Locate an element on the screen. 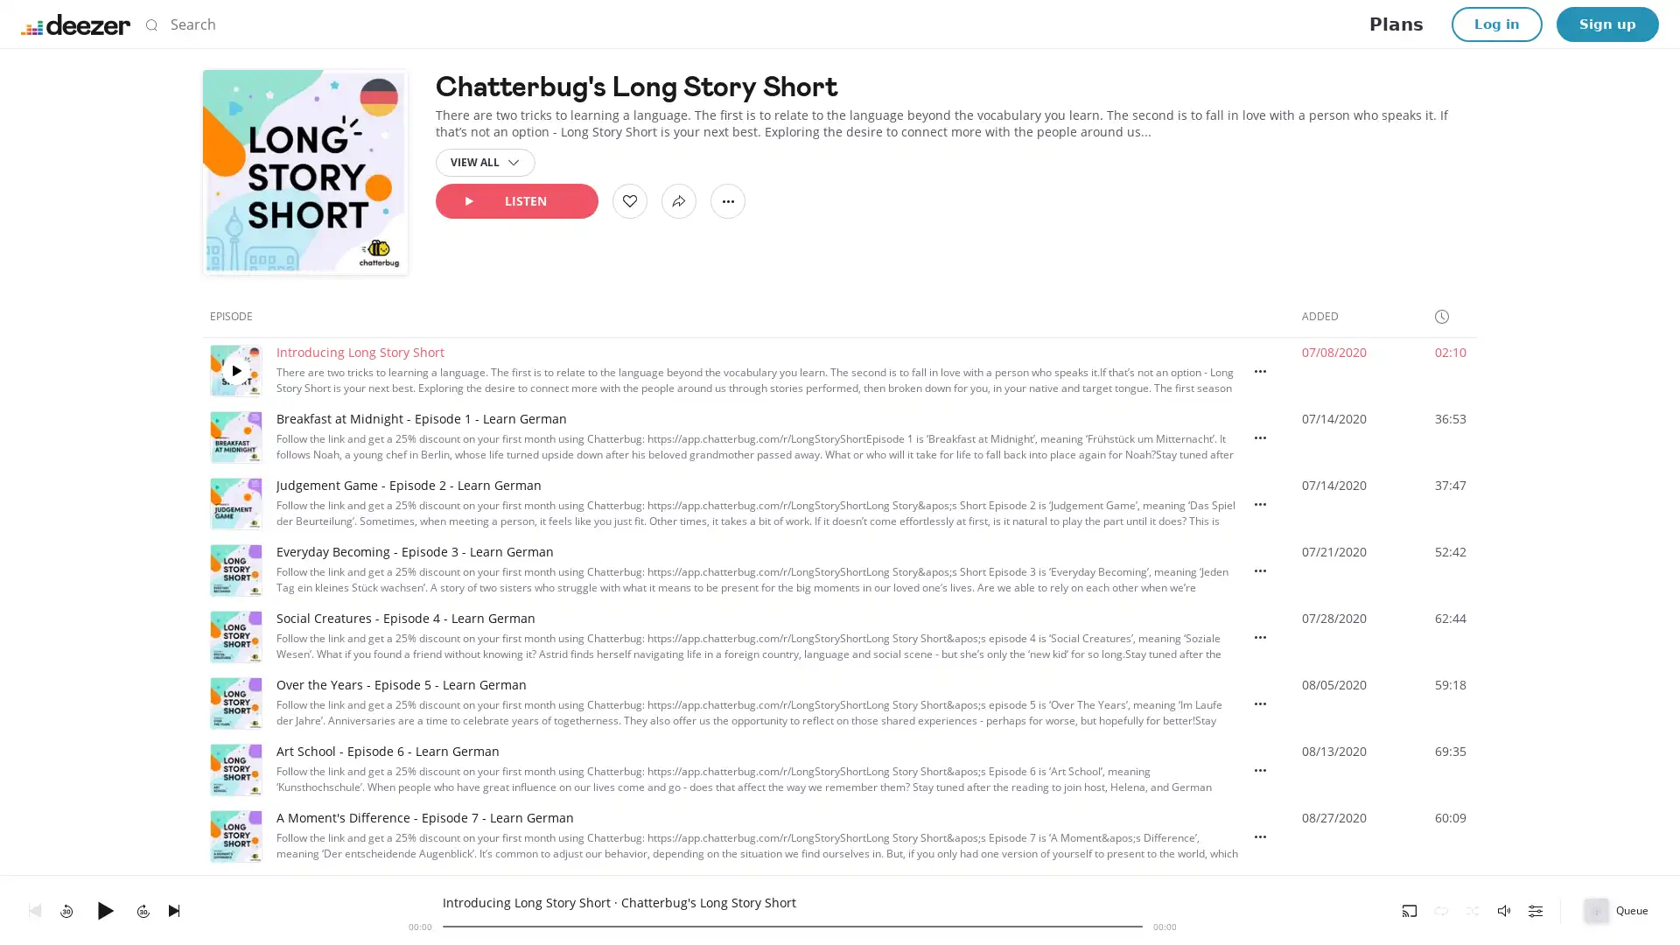 Image resolution: width=1680 pixels, height=945 pixels. Play Art School - Episode 6 - Learn German by Chatterbug's Long Story Short is located at coordinates (234, 768).